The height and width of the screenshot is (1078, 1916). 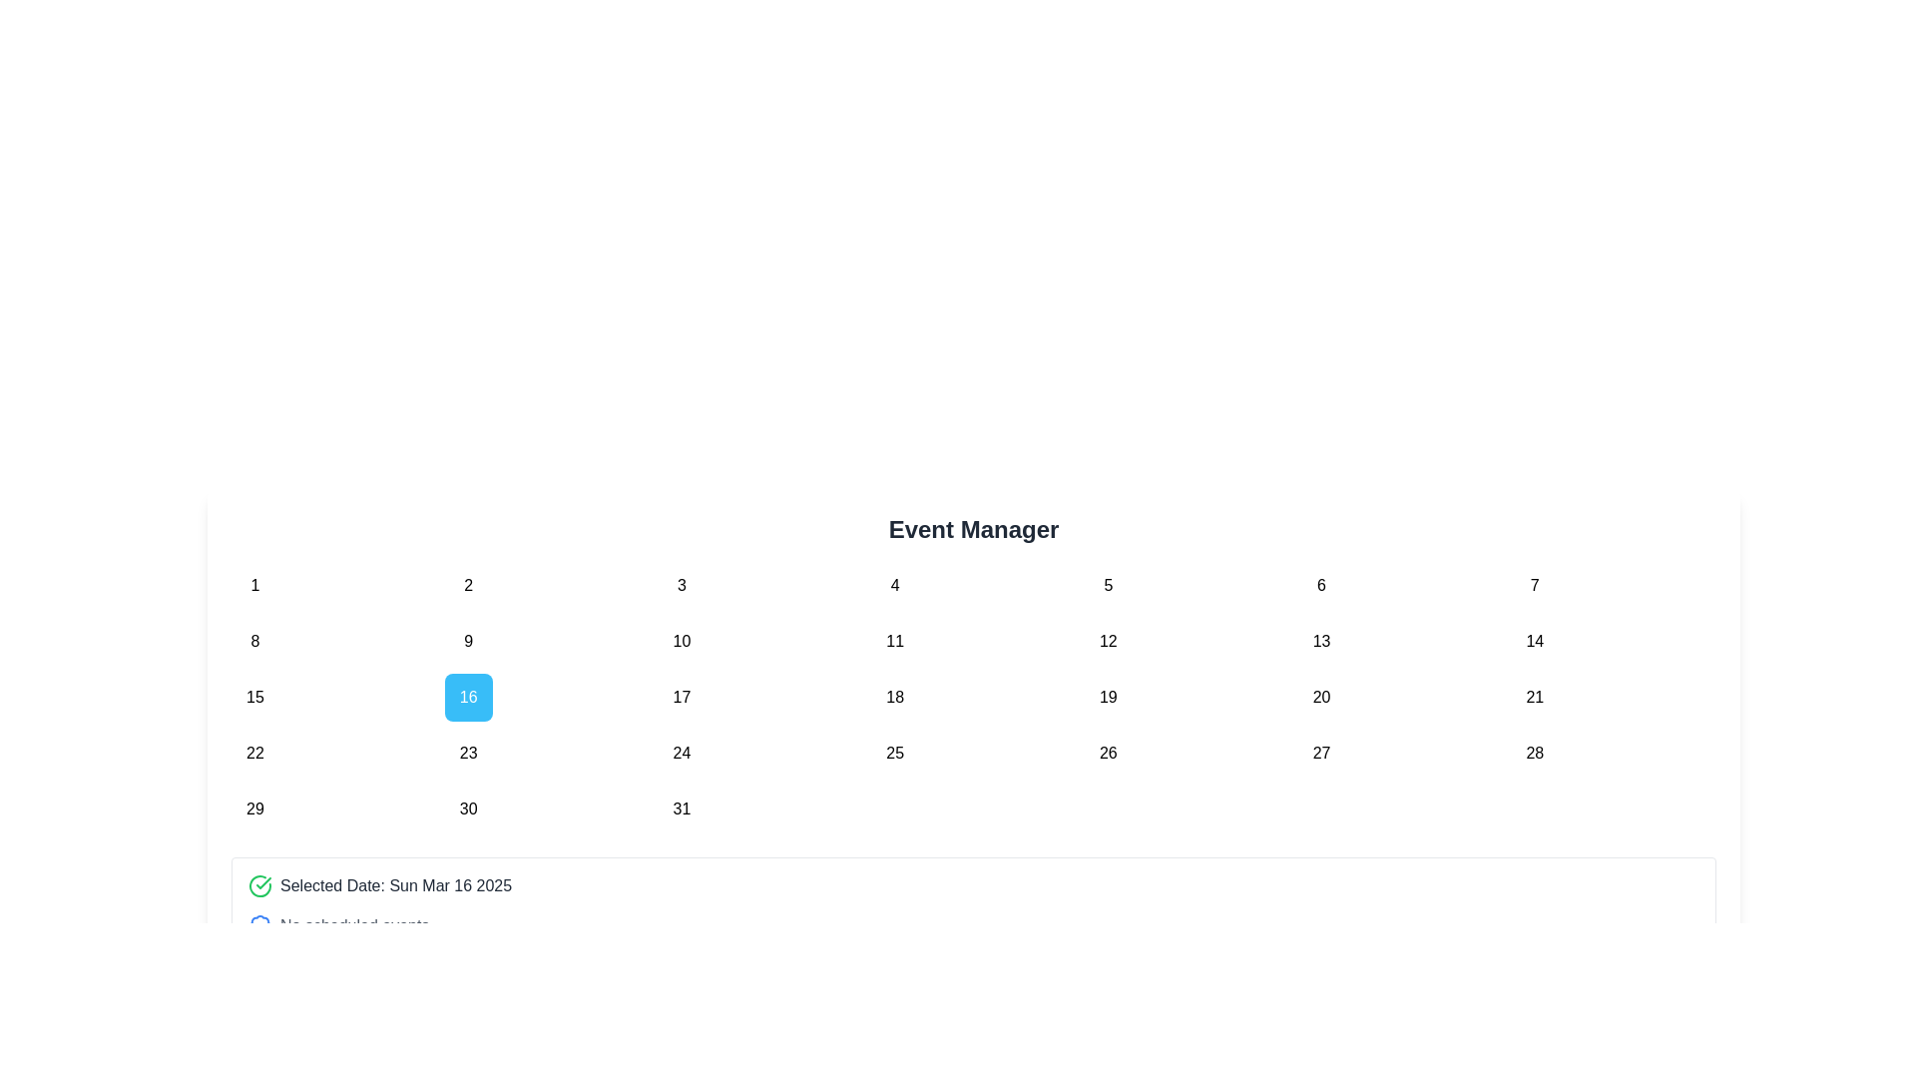 What do you see at coordinates (1321, 696) in the screenshot?
I see `the rounded square button labeled '20' with a white background` at bounding box center [1321, 696].